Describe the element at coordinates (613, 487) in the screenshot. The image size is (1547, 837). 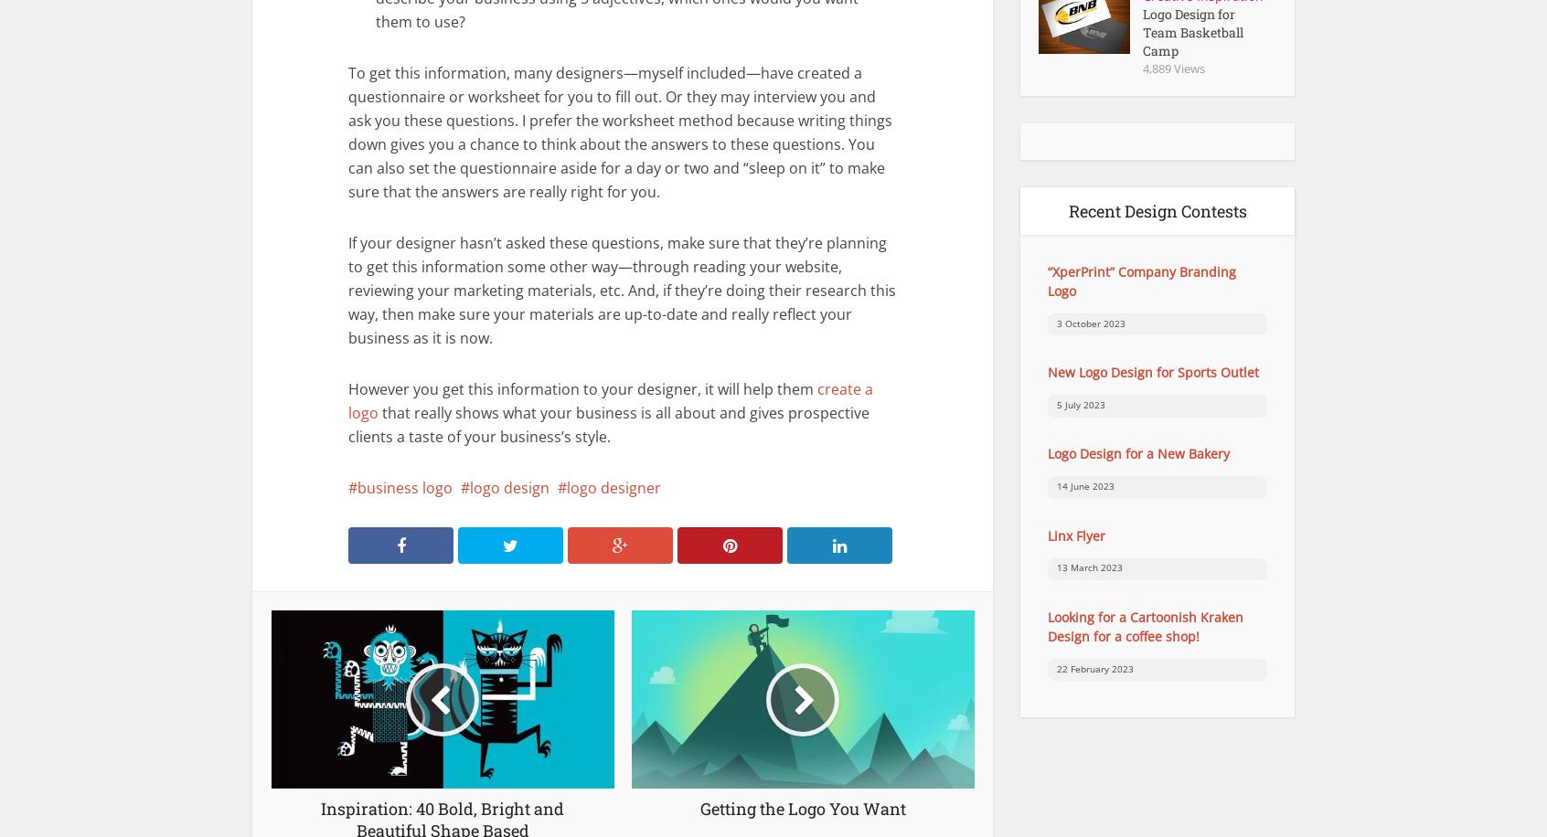
I see `'logo designer'` at that location.